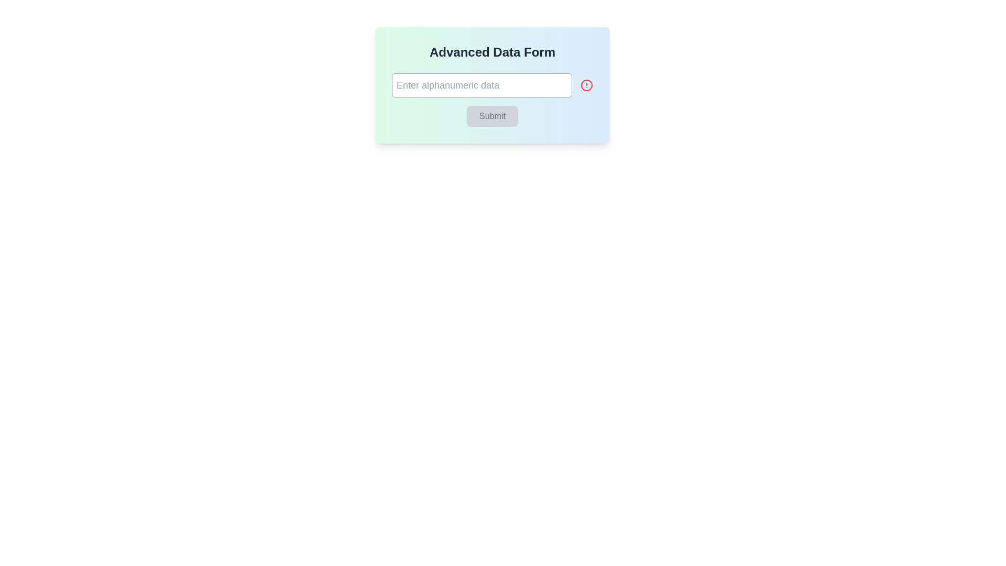 The height and width of the screenshot is (566, 1006). I want to click on the alert icon located to the right of the input field with placeholder text 'Enter alphanumeric data' within the 'Advanced Data Form' card, so click(586, 84).